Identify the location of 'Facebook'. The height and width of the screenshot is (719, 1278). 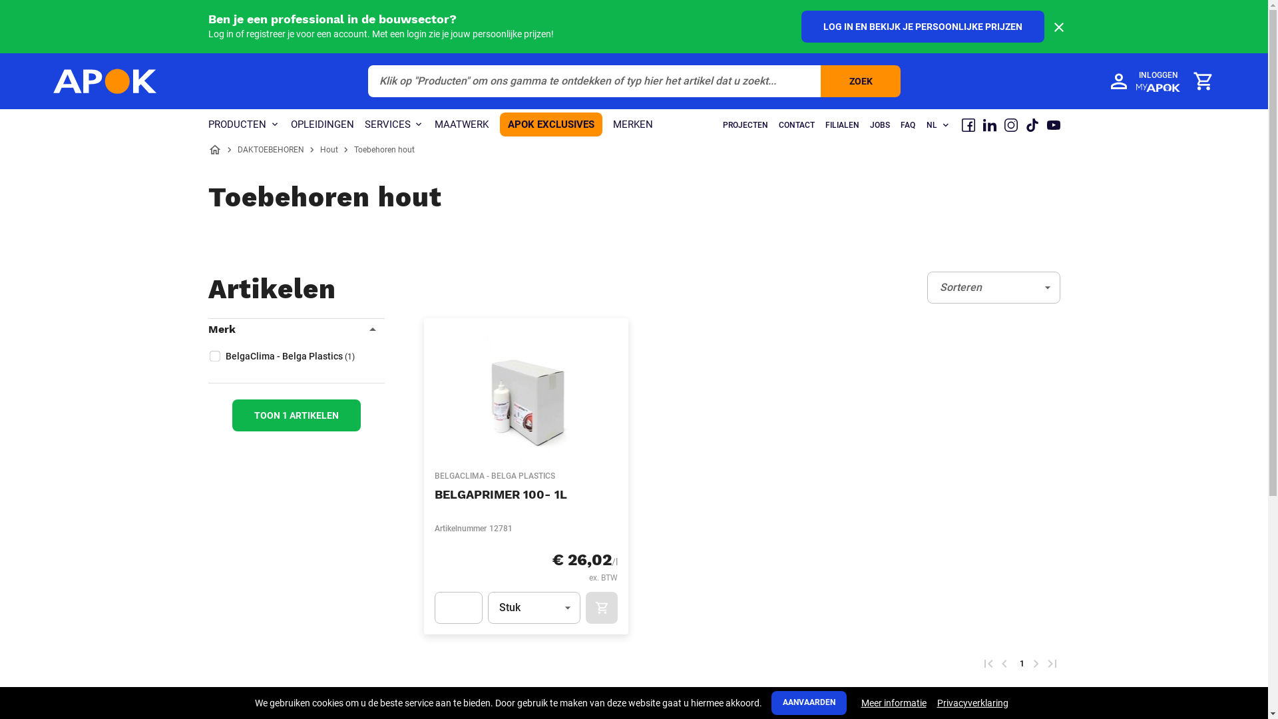
(968, 125).